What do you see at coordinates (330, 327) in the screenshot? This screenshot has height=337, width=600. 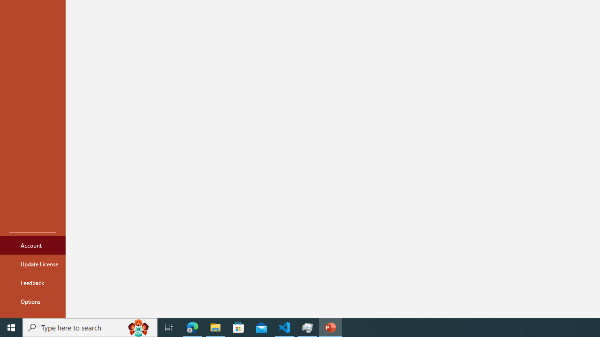 I see `'PowerPoint - 1 running window'` at bounding box center [330, 327].